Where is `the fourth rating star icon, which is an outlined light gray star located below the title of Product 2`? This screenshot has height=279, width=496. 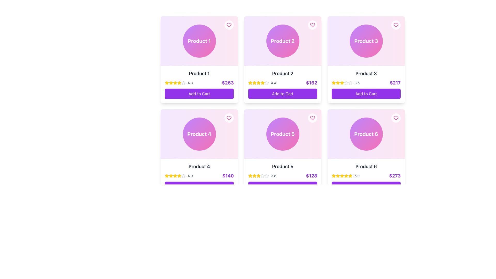 the fourth rating star icon, which is an outlined light gray star located below the title of Product 2 is located at coordinates (267, 82).